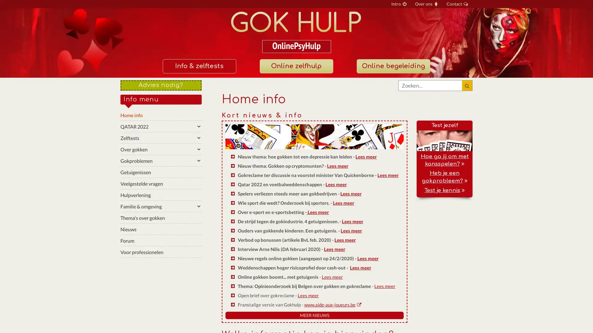 This screenshot has width=593, height=333. Describe the element at coordinates (199, 66) in the screenshot. I see `Info & zelftests` at that location.